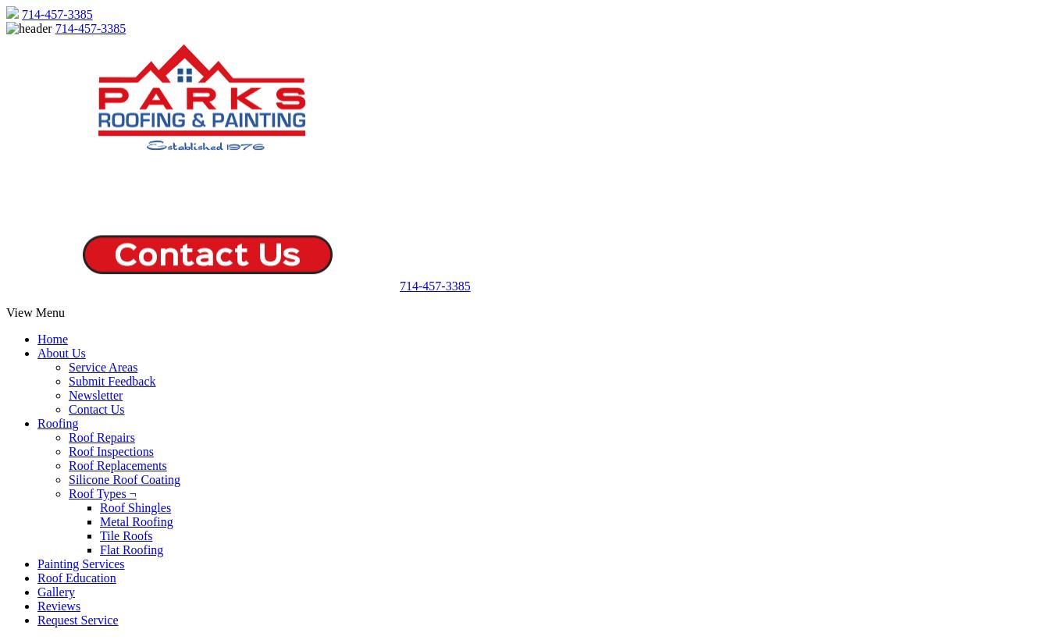  I want to click on 'Request Service', so click(77, 620).